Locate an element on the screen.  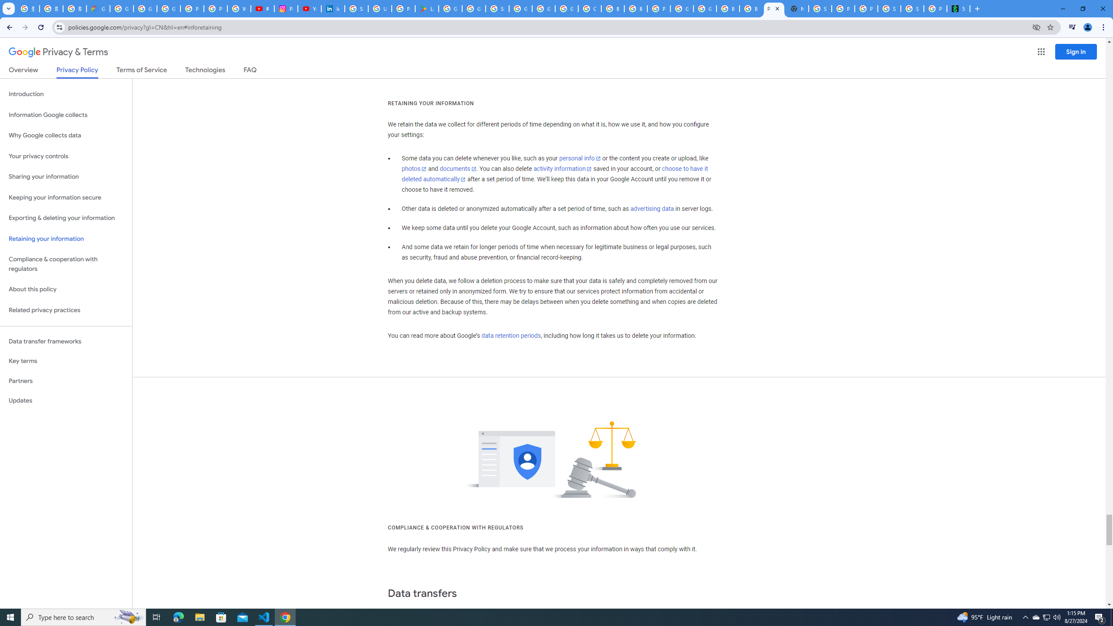
'Data transfer frameworks' is located at coordinates (66, 341).